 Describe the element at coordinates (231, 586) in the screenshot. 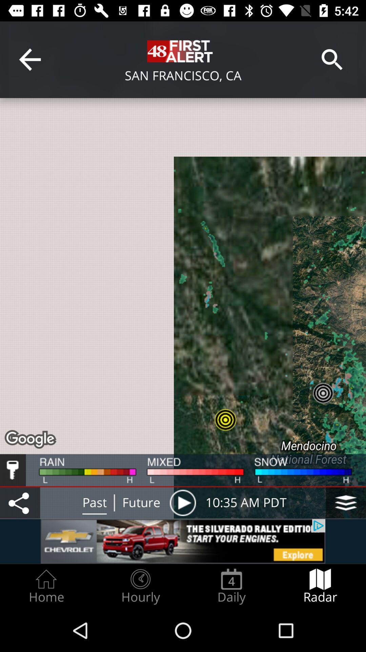

I see `the daily item` at that location.